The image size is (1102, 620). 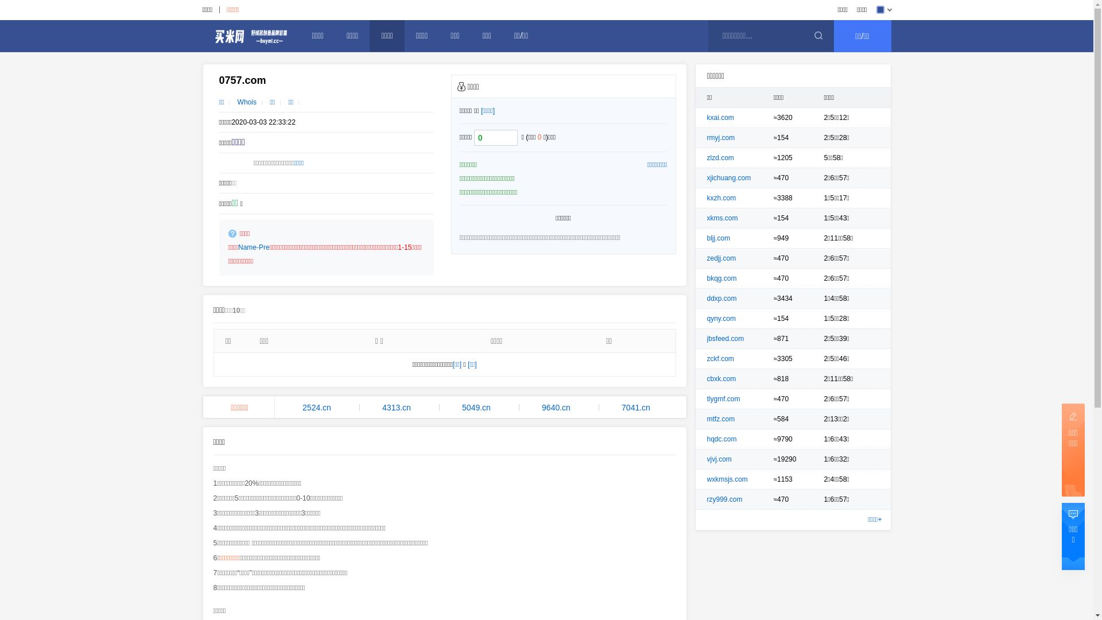 I want to click on 'Whois', so click(x=231, y=101).